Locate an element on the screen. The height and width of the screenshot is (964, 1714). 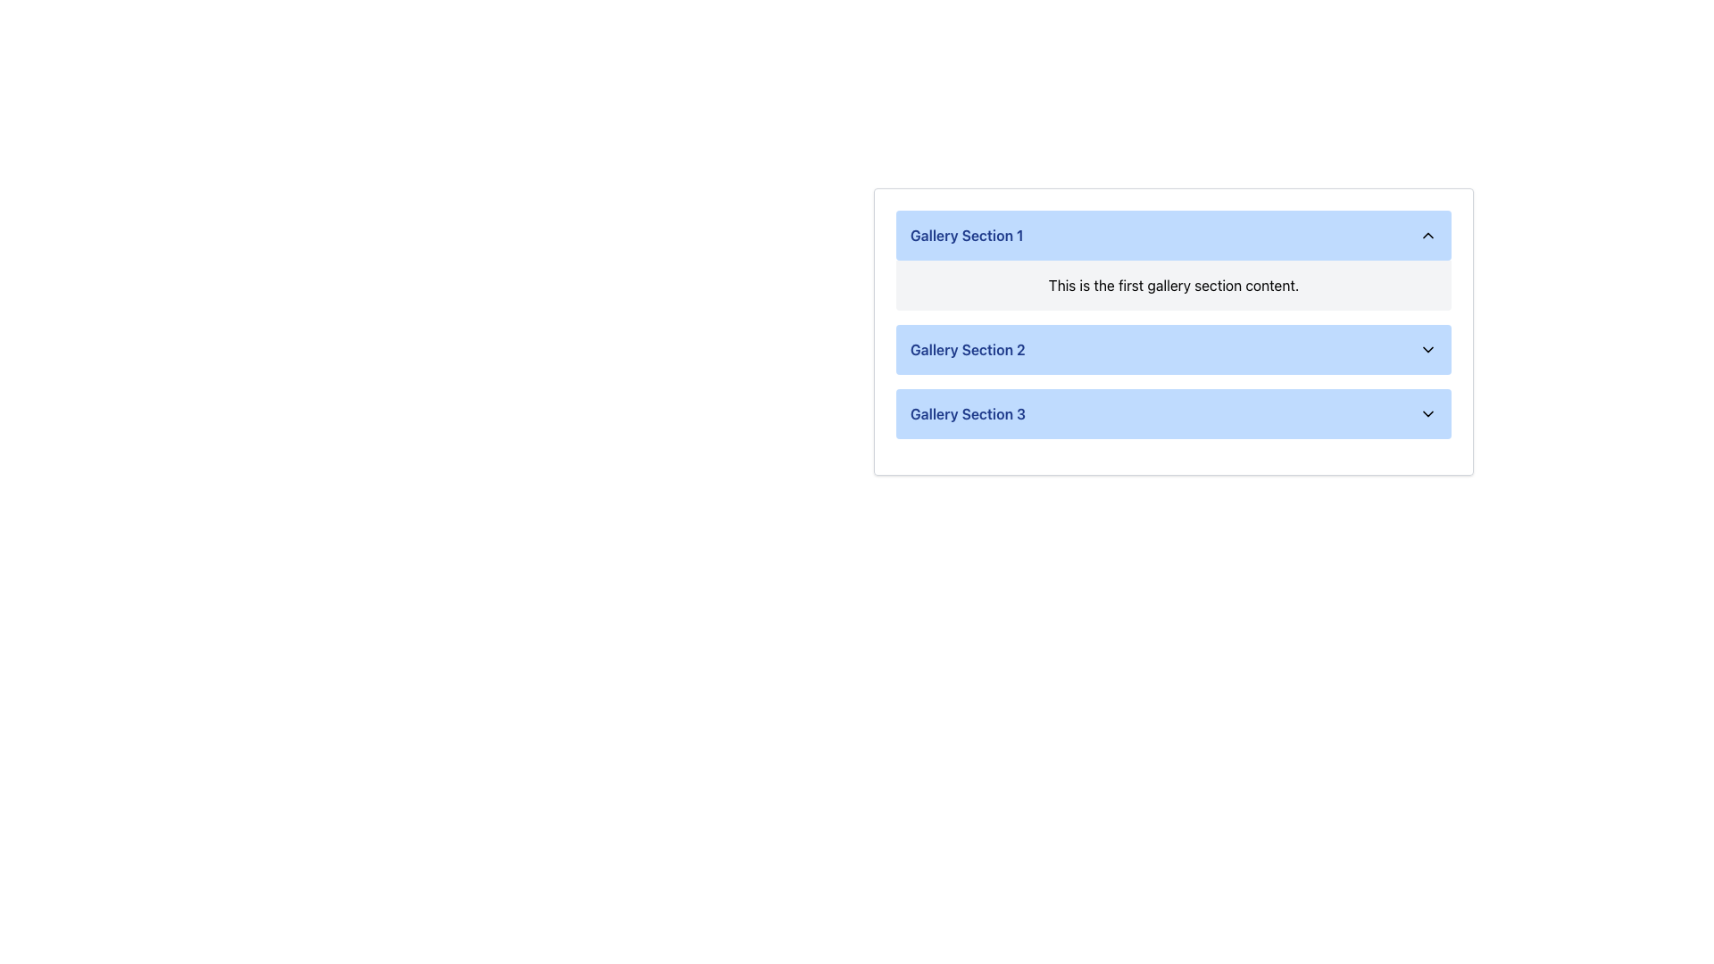
the Collapsible Section Header titled 'Gallery Section 2' for keyboard navigation is located at coordinates (1174, 350).